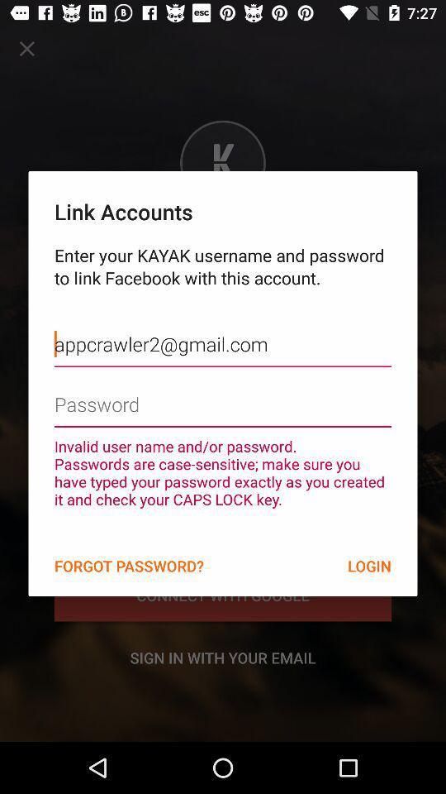  What do you see at coordinates (223, 392) in the screenshot?
I see `password` at bounding box center [223, 392].